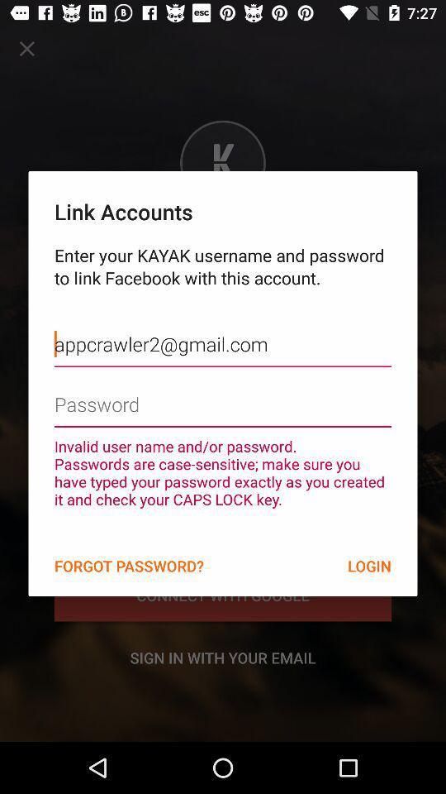  What do you see at coordinates (223, 392) in the screenshot?
I see `password` at bounding box center [223, 392].